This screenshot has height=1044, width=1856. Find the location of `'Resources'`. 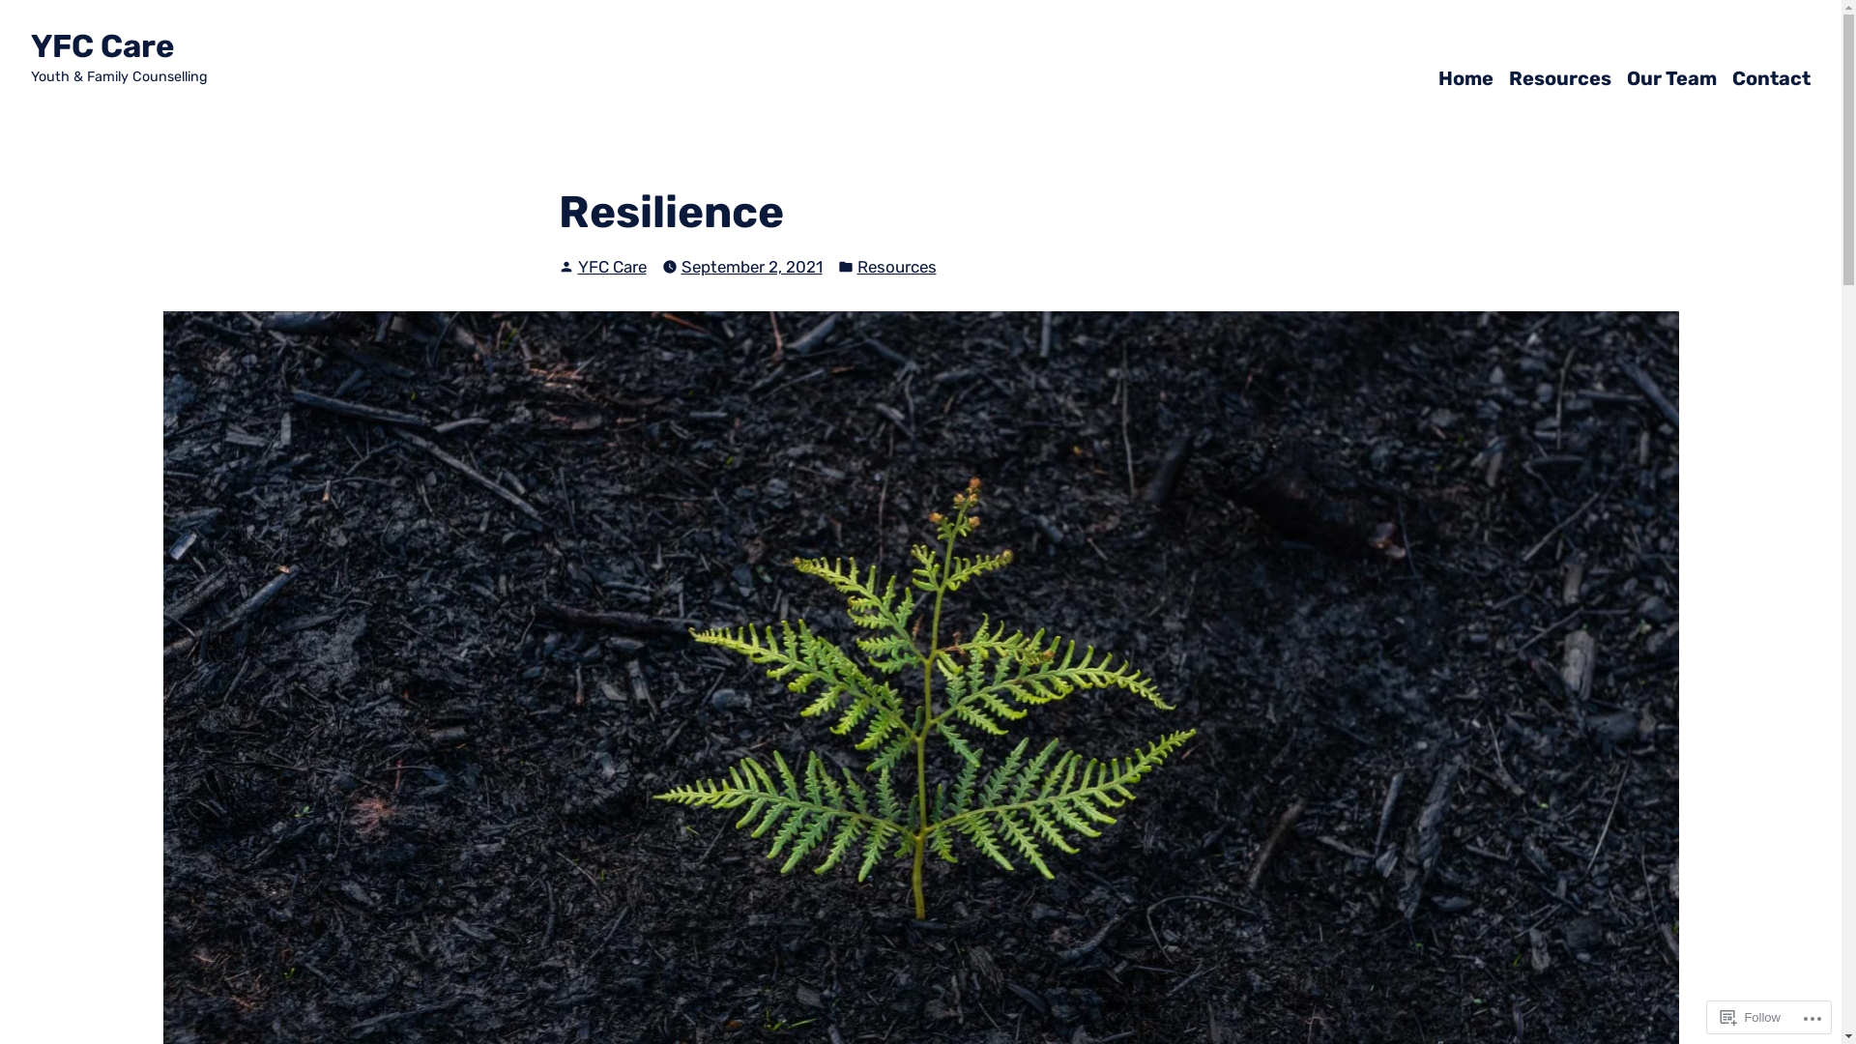

'Resources' is located at coordinates (1559, 76).